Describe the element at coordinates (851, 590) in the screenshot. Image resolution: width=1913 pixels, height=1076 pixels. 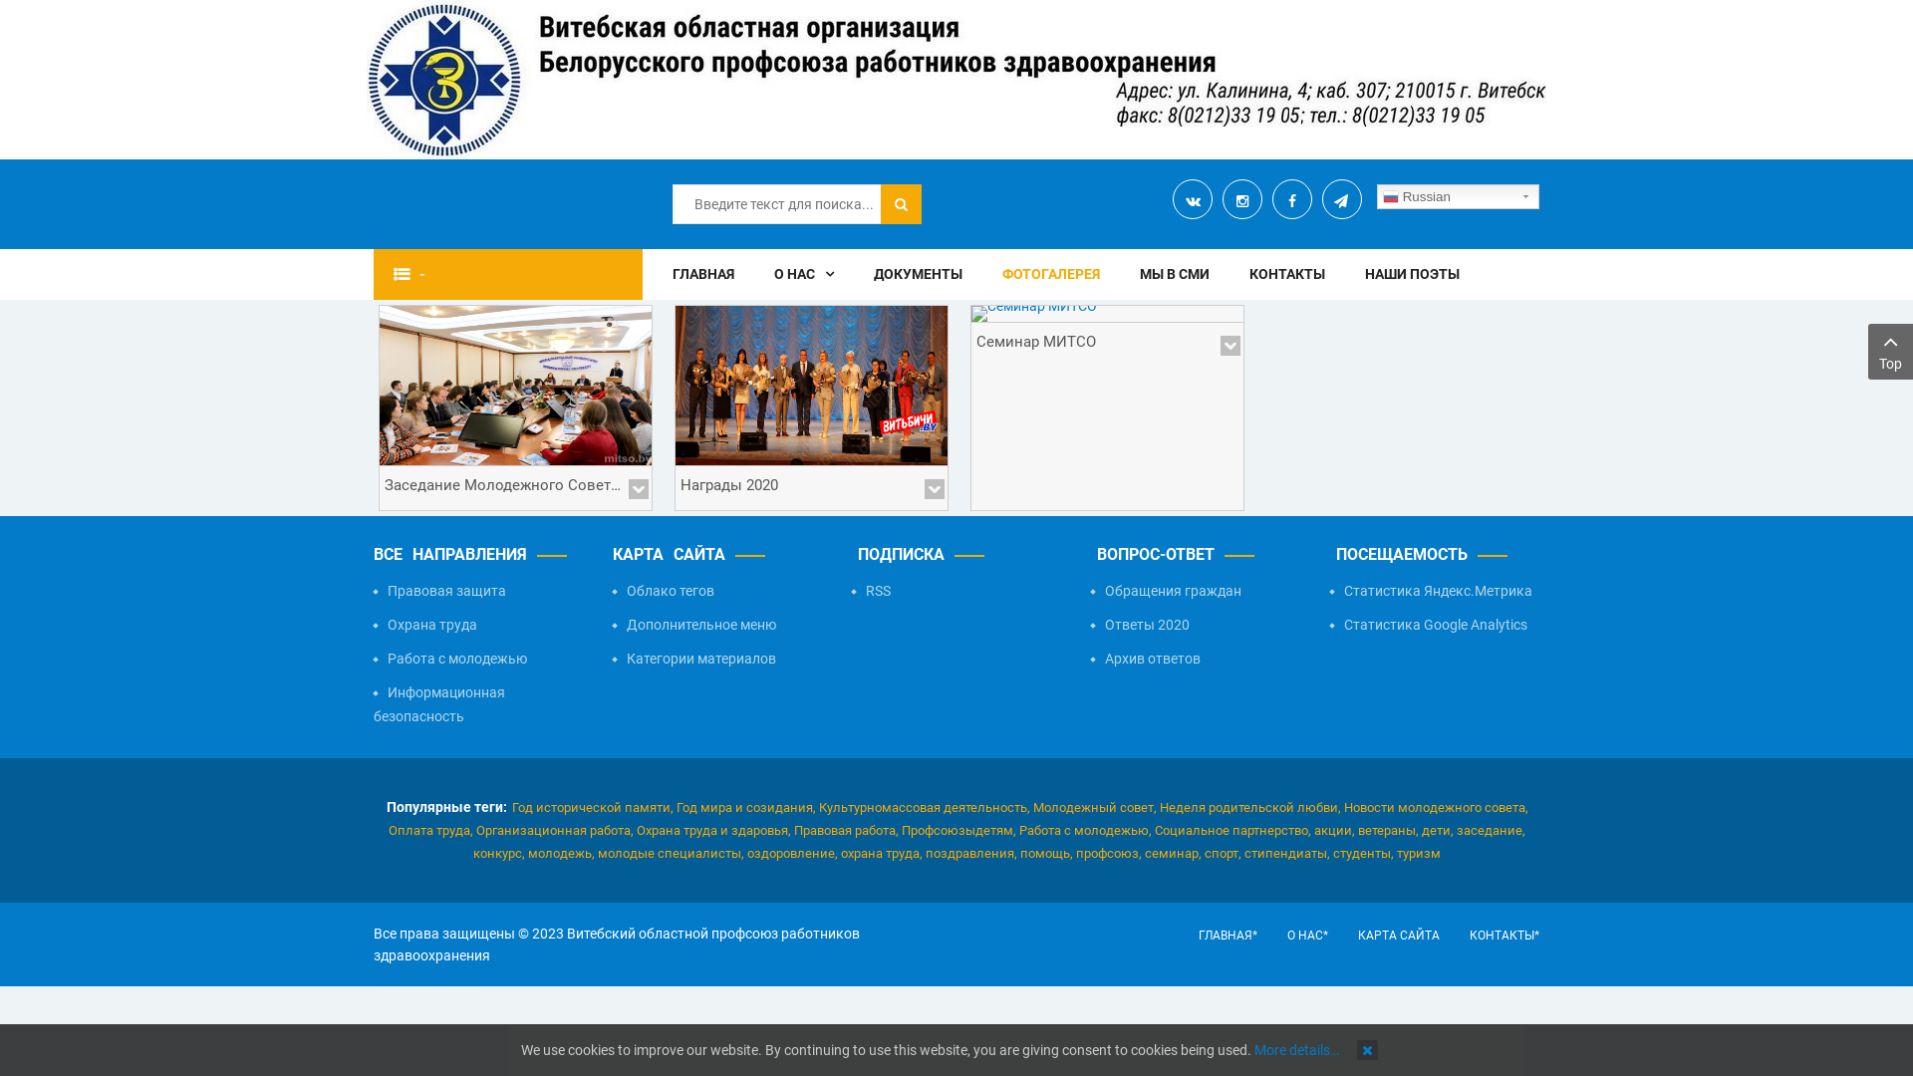
I see `'RSS'` at that location.